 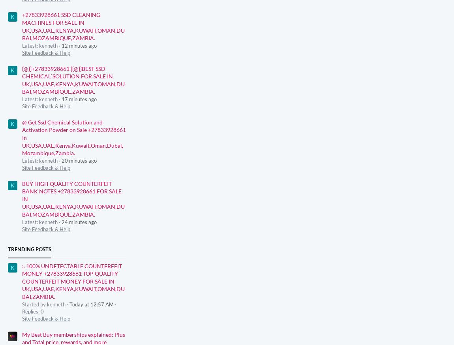 What do you see at coordinates (301, 334) in the screenshot?
I see `'Terms & Conditions'` at bounding box center [301, 334].